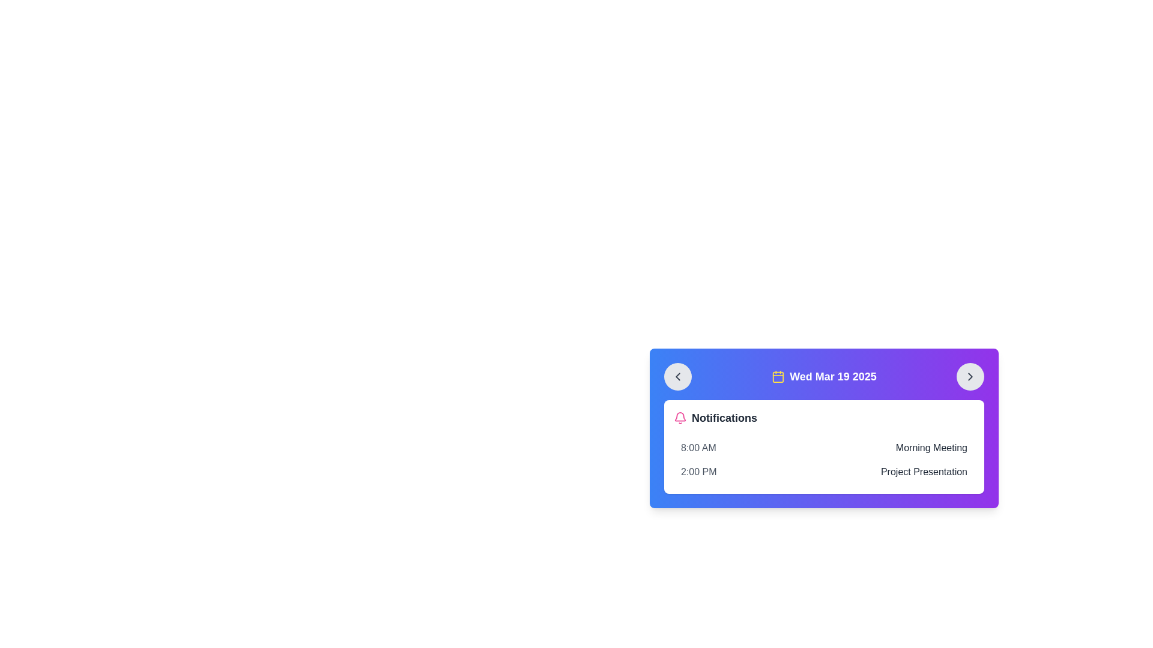 The height and width of the screenshot is (648, 1153). What do you see at coordinates (823, 448) in the screenshot?
I see `the first event item in the notifications list, which displays '8:00 AM' on the left and 'Morning Meeting' on the right` at bounding box center [823, 448].